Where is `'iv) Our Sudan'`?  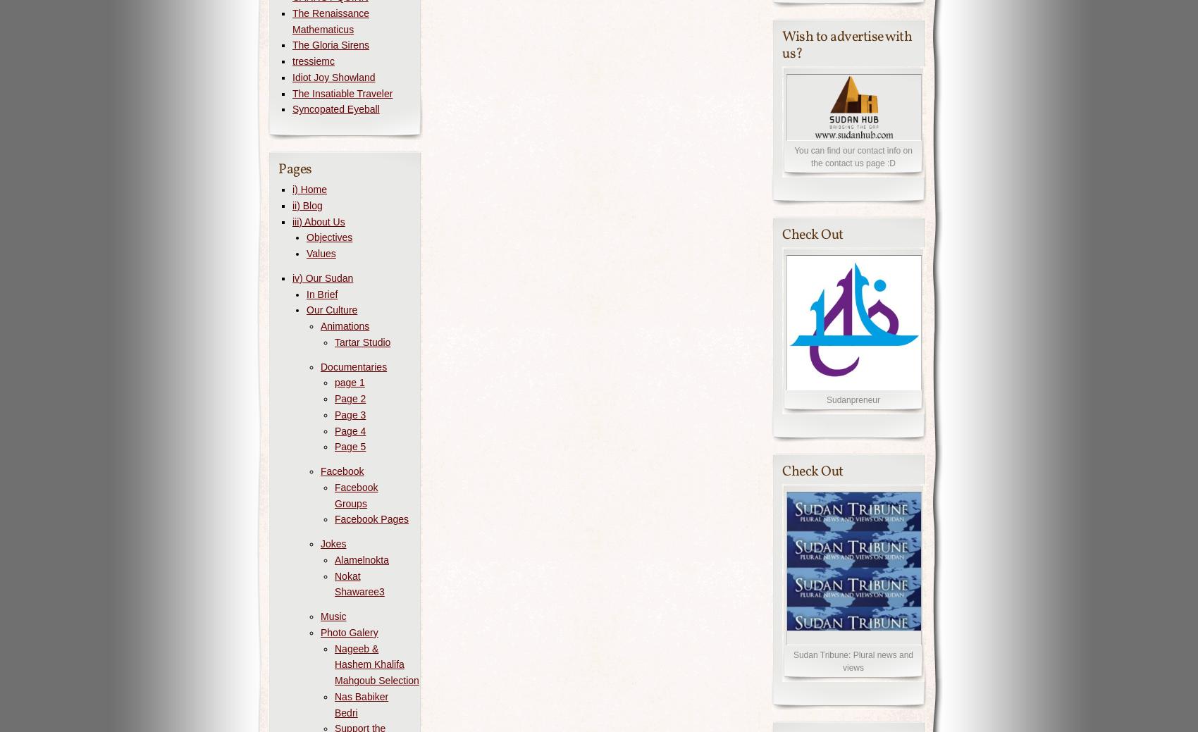
'iv) Our Sudan' is located at coordinates (322, 276).